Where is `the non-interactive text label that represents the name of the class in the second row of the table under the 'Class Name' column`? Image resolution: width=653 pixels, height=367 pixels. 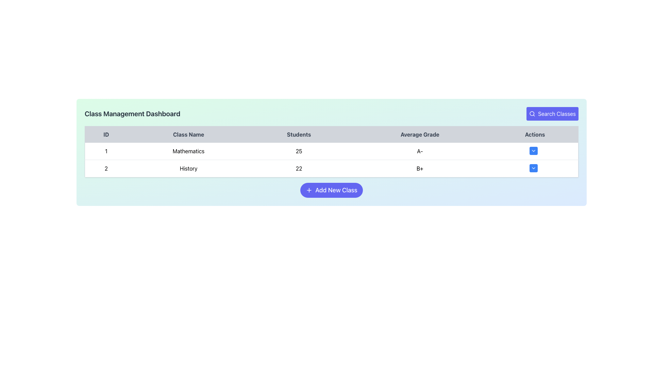 the non-interactive text label that represents the name of the class in the second row of the table under the 'Class Name' column is located at coordinates (188, 168).